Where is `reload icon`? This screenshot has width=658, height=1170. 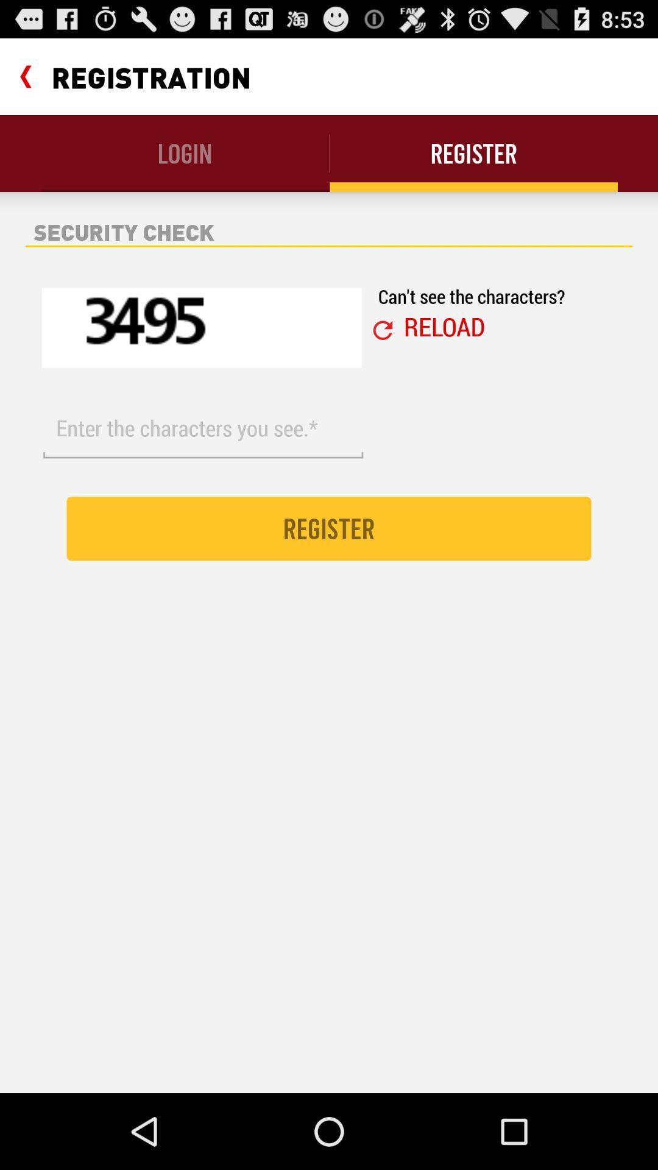 reload icon is located at coordinates (444, 326).